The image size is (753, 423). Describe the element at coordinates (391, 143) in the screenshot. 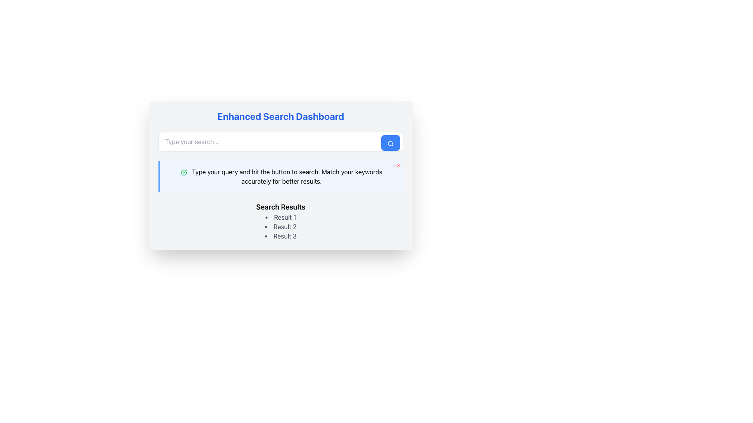

I see `the search icon located in the top-right corner of the text input box within the 'Enhanced Search Dashboard' to initiate a search operation` at that location.